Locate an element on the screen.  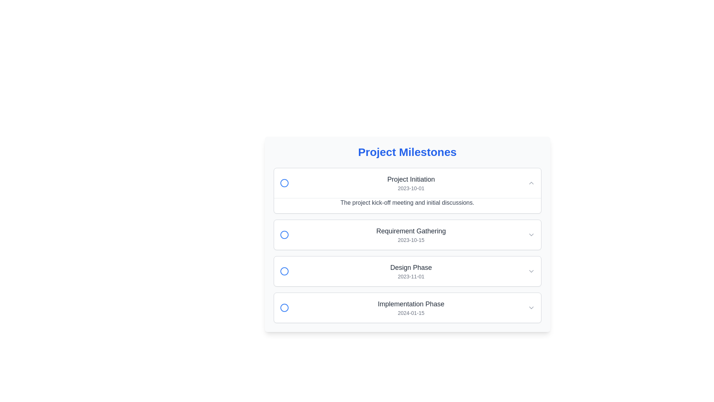
the circle shape within the SVG graphic that indicates the milestone for 'Project Initiation' located to the left of the text is located at coordinates (284, 183).